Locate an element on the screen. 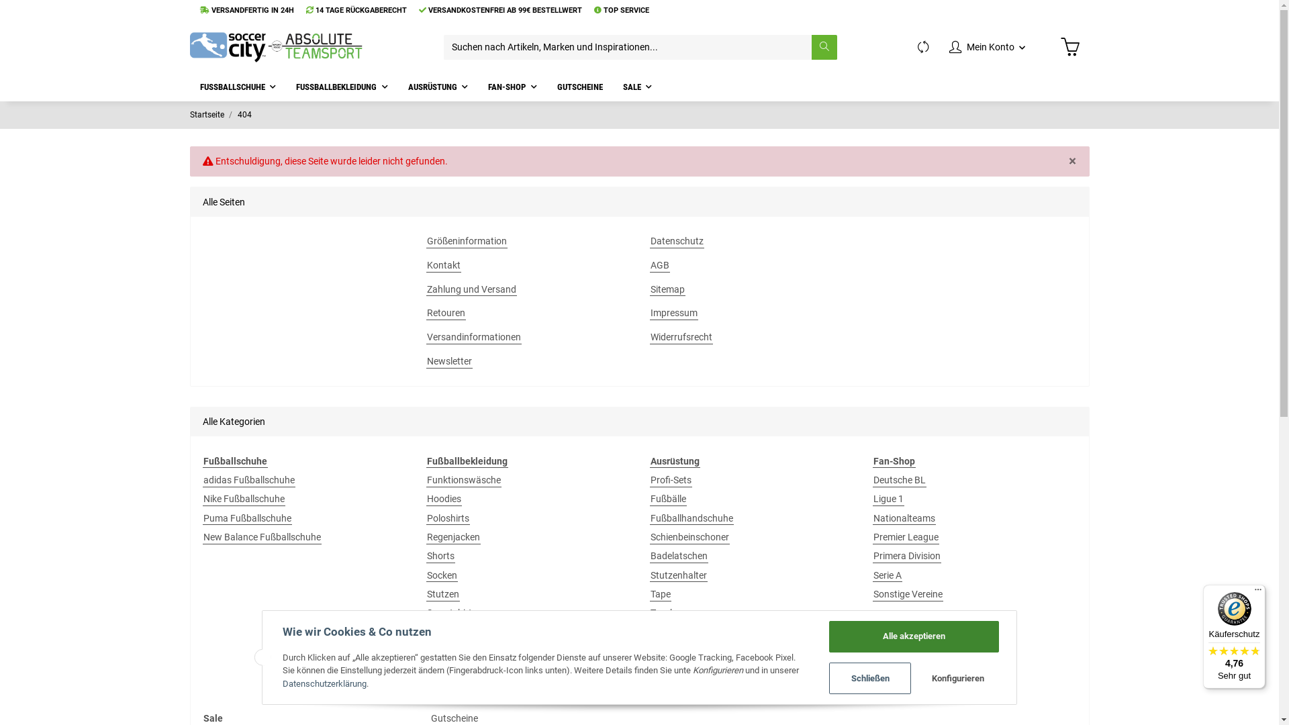 The image size is (1289, 725). 'Primera Division' is located at coordinates (906, 556).